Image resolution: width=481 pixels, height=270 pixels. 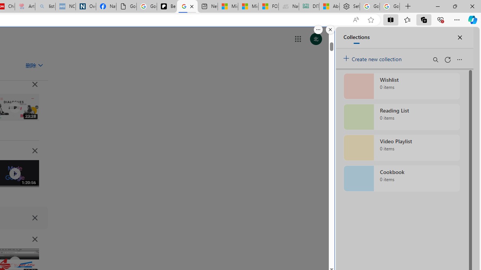 I want to click on 'Class: asE2Ub NMm5M', so click(x=40, y=64).